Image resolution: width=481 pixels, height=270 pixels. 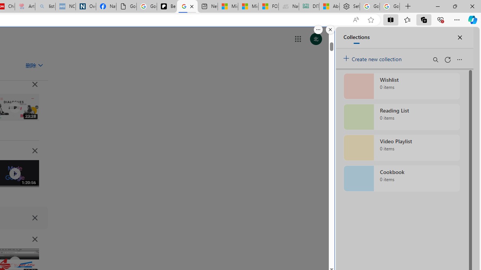 I want to click on 'Class: asE2Ub NMm5M', so click(x=40, y=64).